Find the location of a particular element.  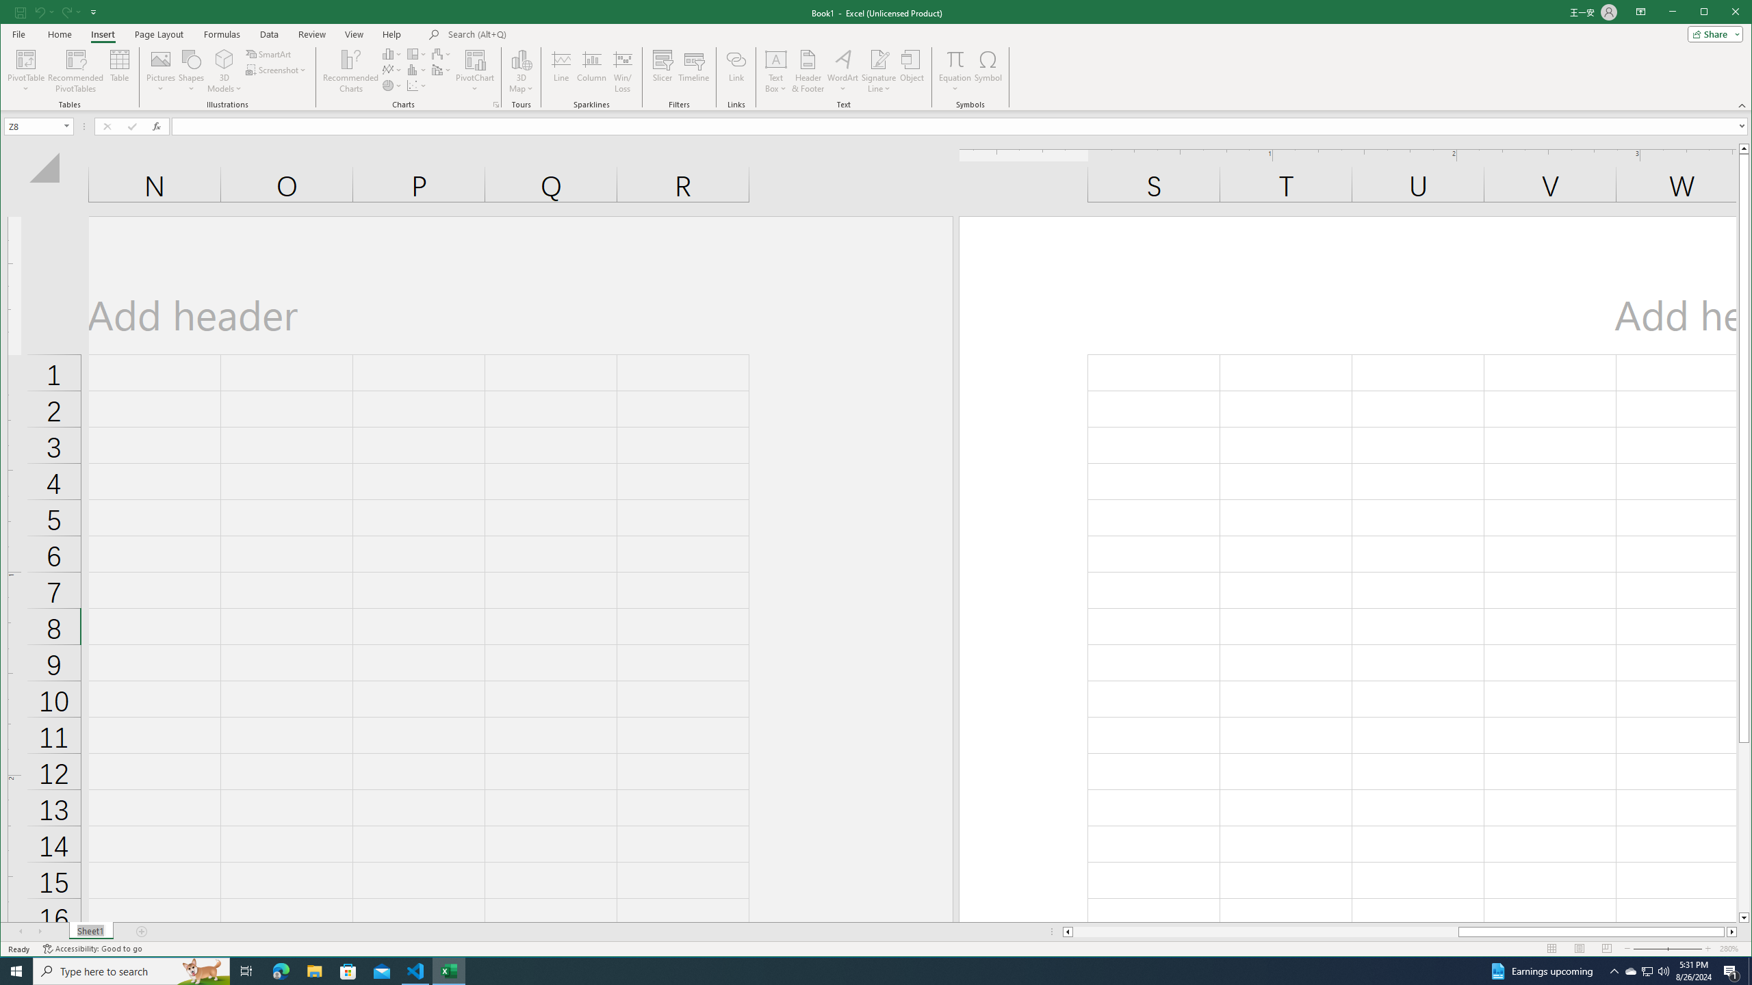

'Slicer...' is located at coordinates (661, 70).